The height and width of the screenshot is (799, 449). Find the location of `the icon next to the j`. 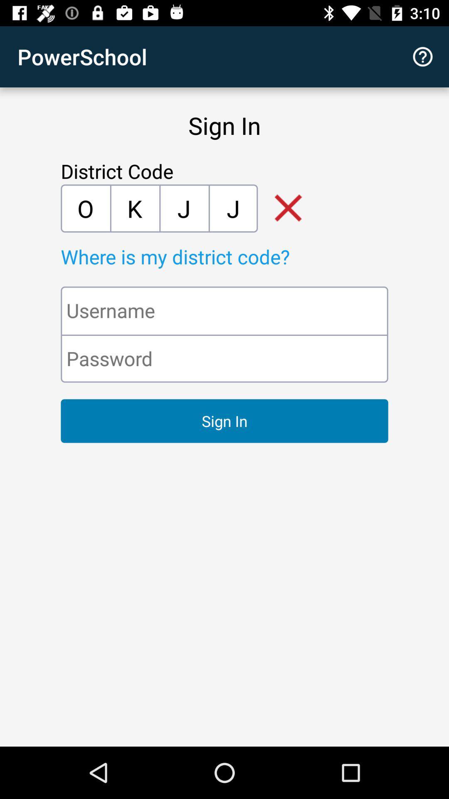

the icon next to the j is located at coordinates (134, 208).